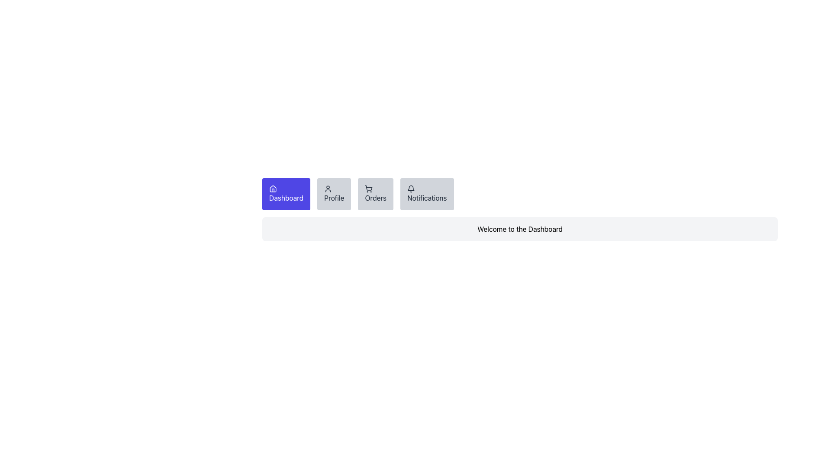 Image resolution: width=831 pixels, height=467 pixels. I want to click on the 'Orders' button which contains the shopping cart icon, so click(369, 187).